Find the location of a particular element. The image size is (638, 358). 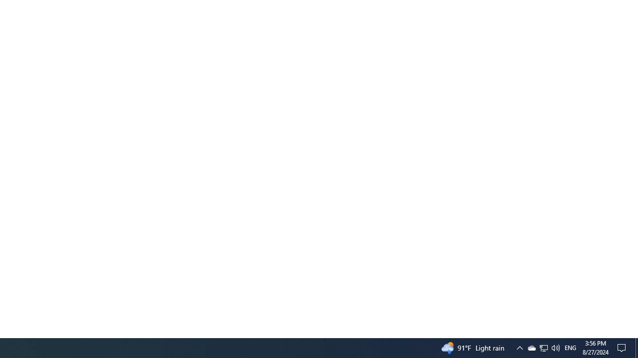

'Notification Chevron' is located at coordinates (531, 347).